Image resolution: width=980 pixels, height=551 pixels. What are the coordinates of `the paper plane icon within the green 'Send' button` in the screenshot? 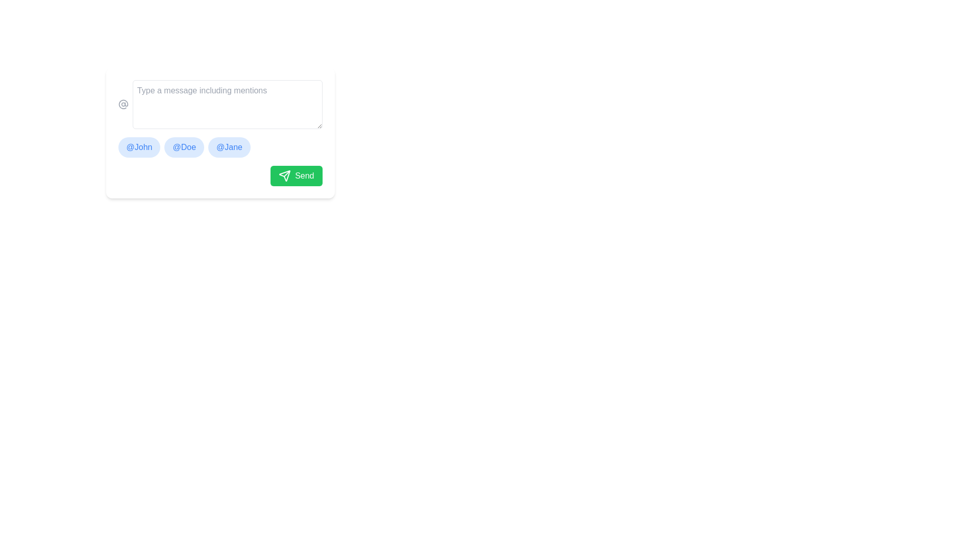 It's located at (285, 175).